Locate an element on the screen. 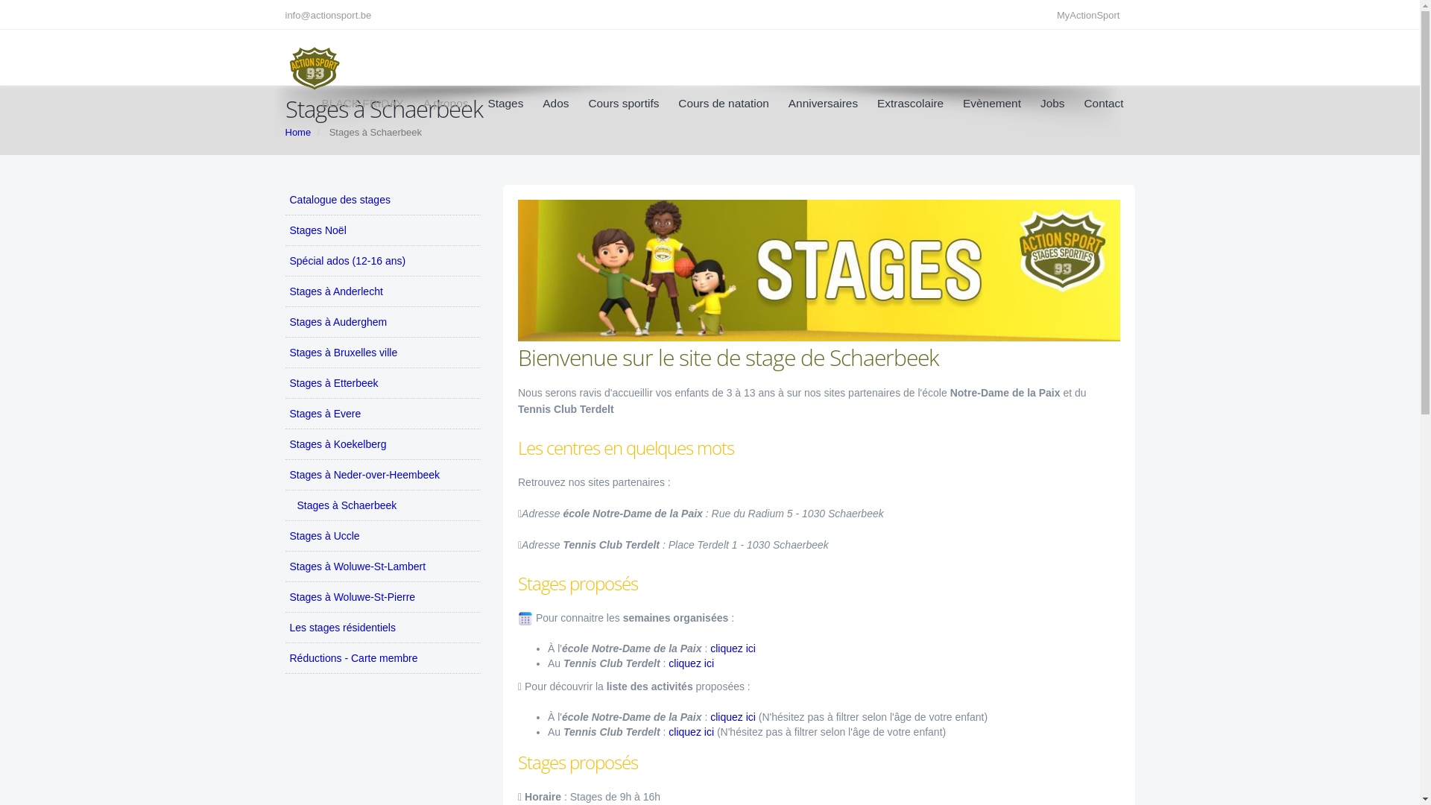  'Stages' is located at coordinates (505, 102).